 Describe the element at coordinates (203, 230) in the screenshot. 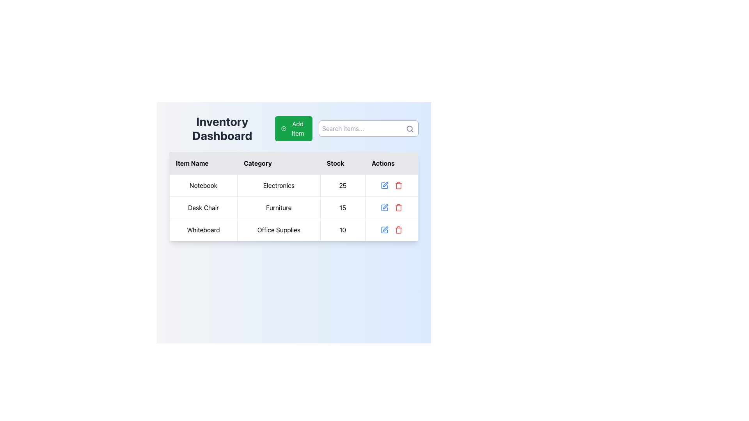

I see `the text label reading 'Whiteboard' located in the third row of the table under the 'Item Name' column` at that location.